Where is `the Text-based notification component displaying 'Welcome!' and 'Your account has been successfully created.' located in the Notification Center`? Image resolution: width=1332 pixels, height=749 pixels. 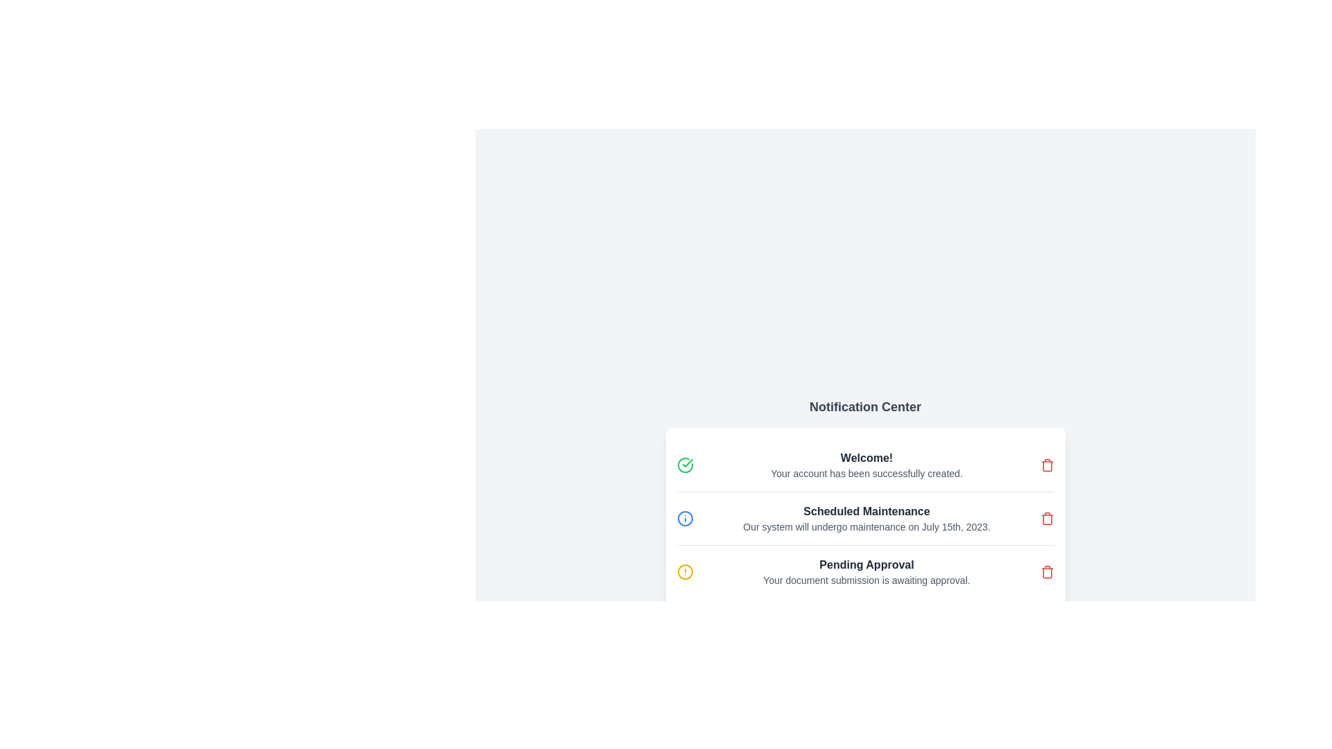
the Text-based notification component displaying 'Welcome!' and 'Your account has been successfully created.' located in the Notification Center is located at coordinates (866, 465).